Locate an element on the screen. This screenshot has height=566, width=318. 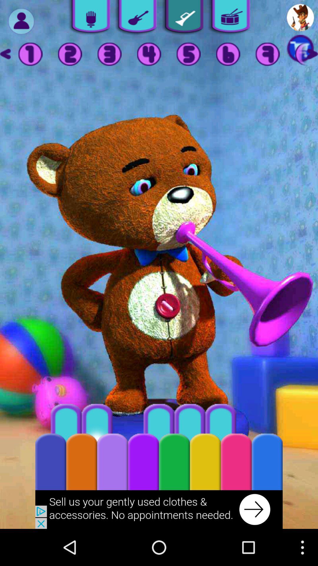
the check icon is located at coordinates (182, 19).